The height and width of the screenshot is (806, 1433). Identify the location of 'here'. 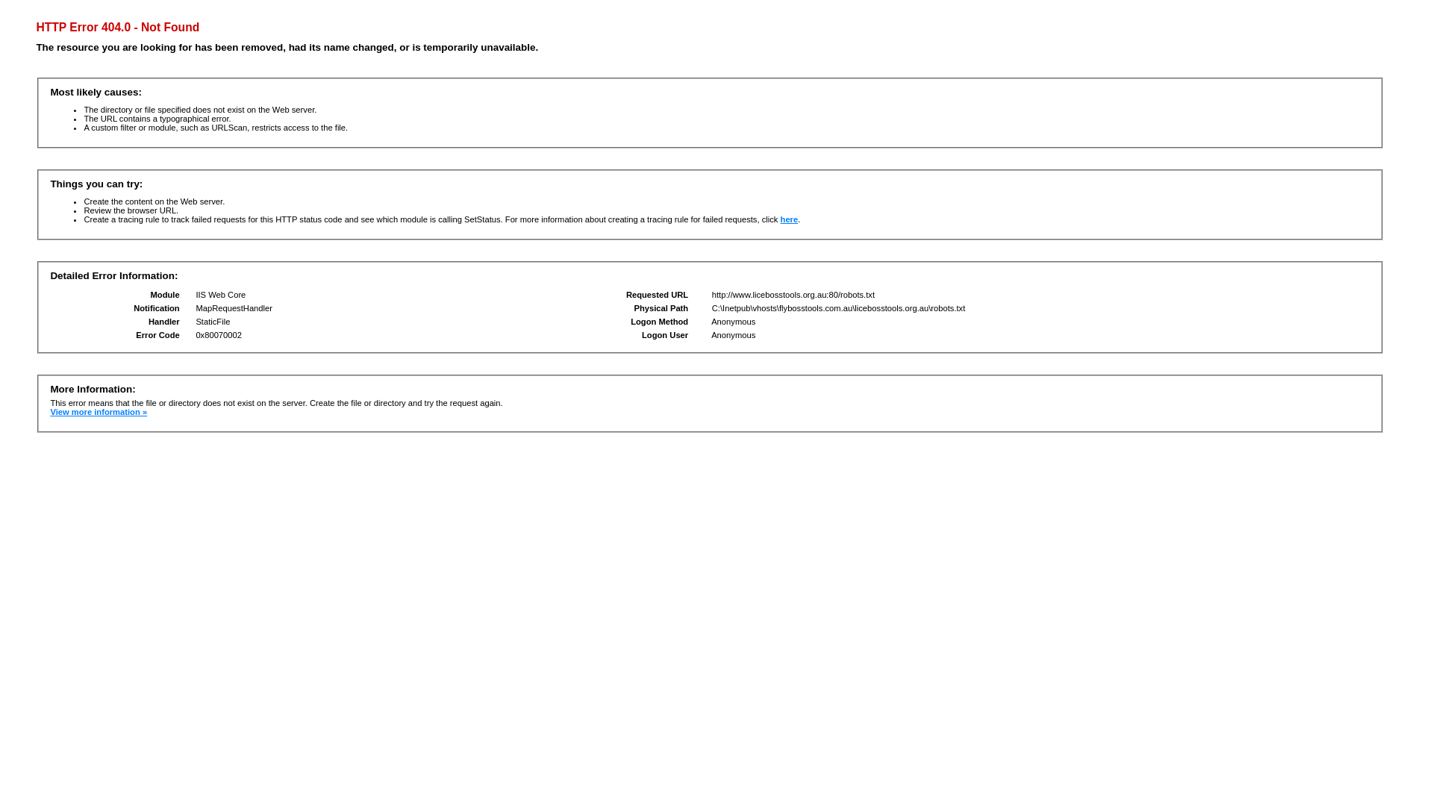
(780, 219).